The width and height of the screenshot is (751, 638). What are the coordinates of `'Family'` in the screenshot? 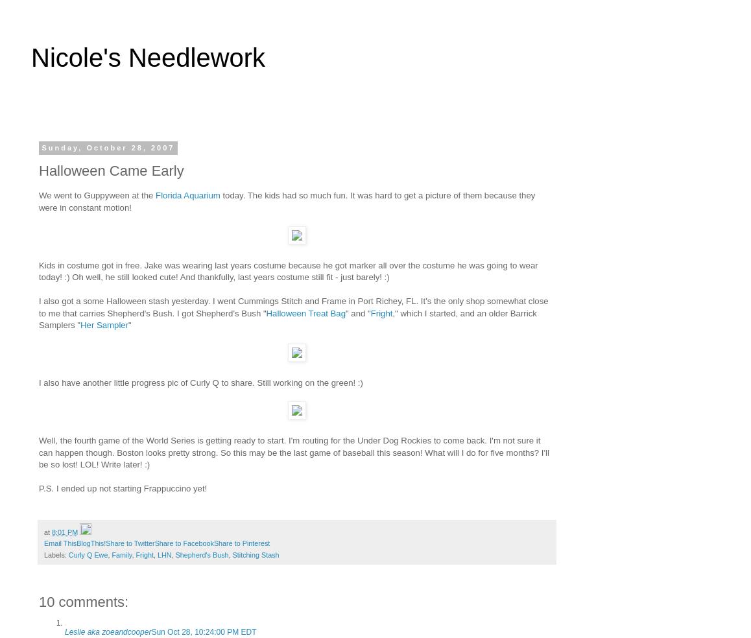 It's located at (121, 553).